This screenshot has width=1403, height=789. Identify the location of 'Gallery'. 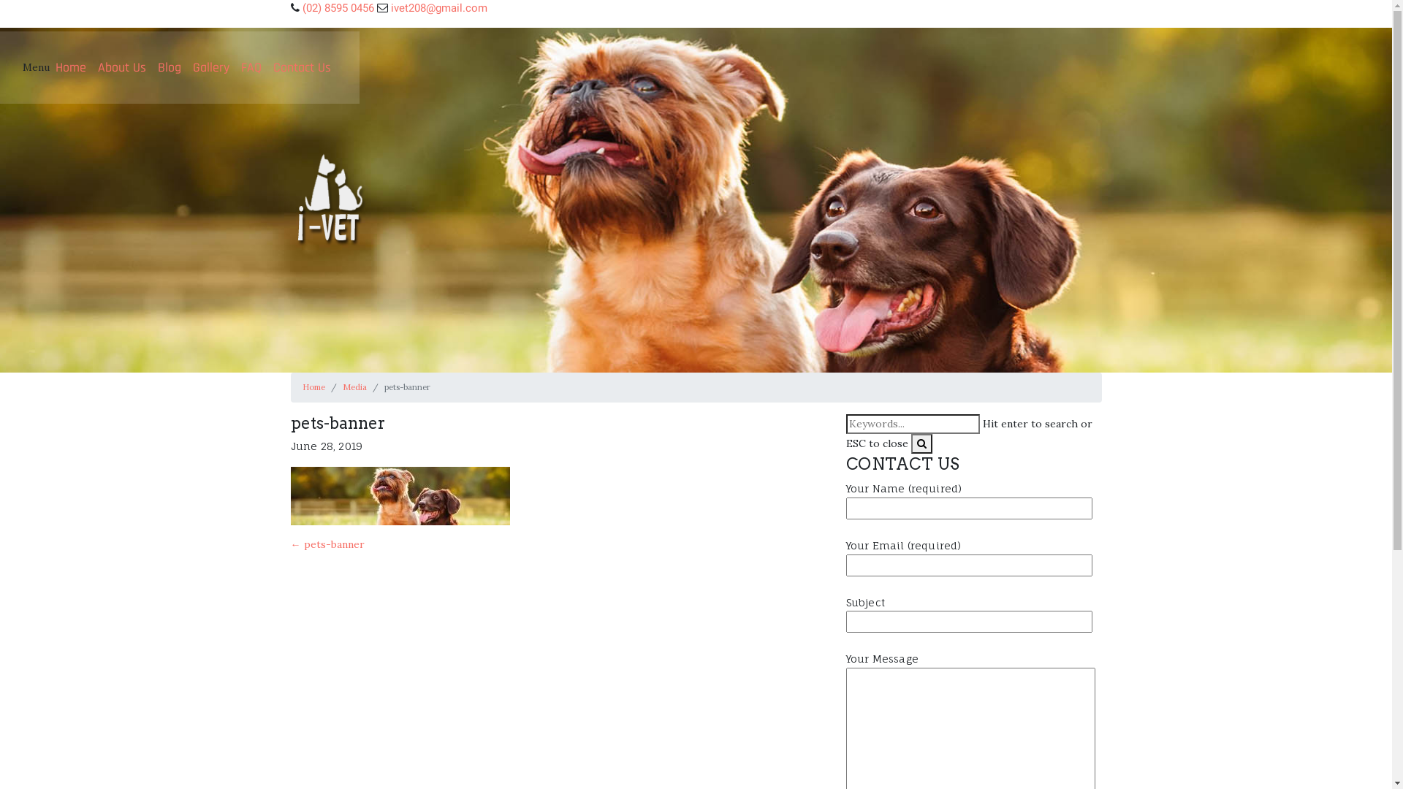
(186, 67).